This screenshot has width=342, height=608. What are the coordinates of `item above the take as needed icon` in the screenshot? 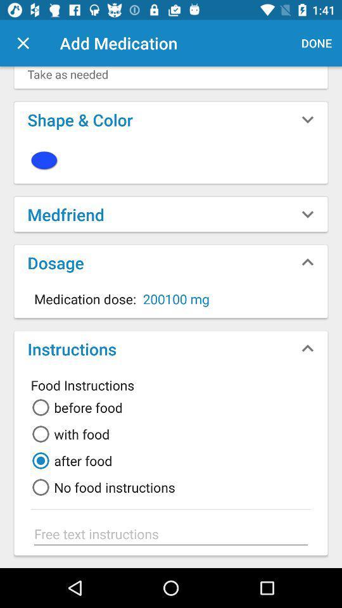 It's located at (23, 43).